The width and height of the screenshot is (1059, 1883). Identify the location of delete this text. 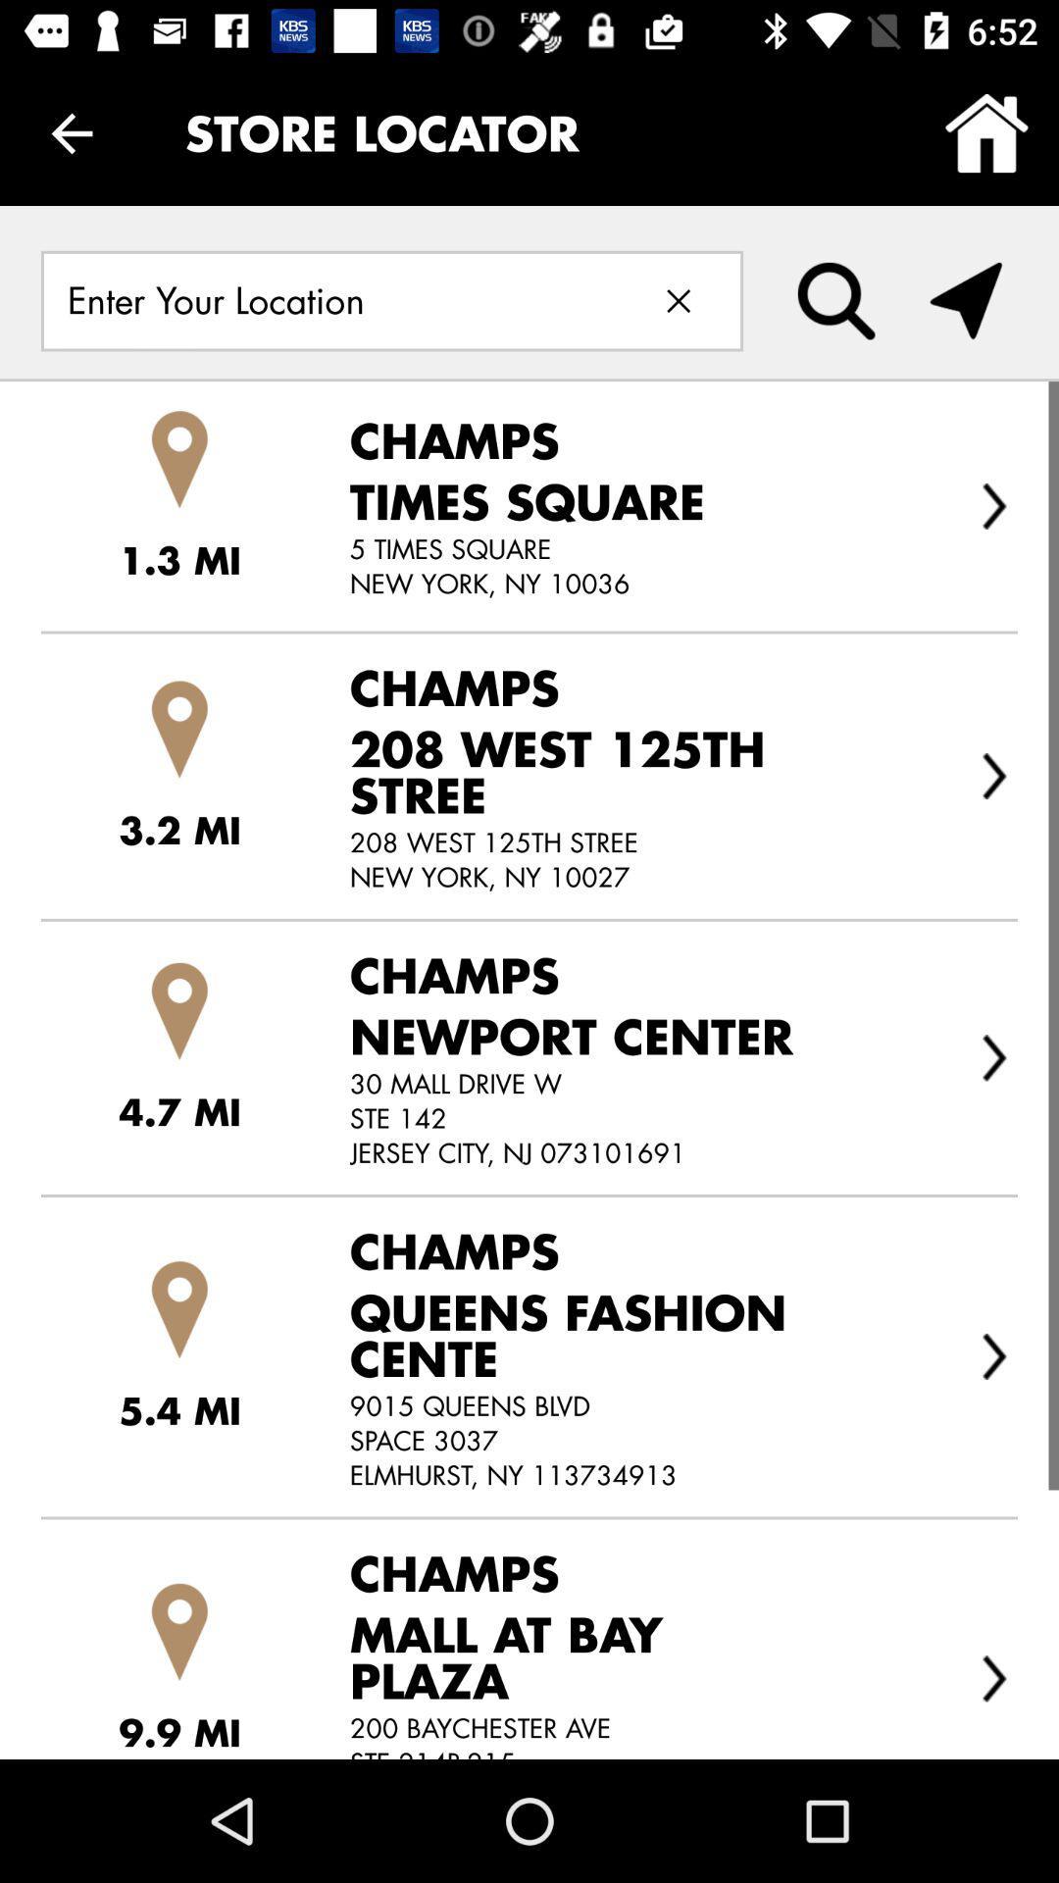
(678, 300).